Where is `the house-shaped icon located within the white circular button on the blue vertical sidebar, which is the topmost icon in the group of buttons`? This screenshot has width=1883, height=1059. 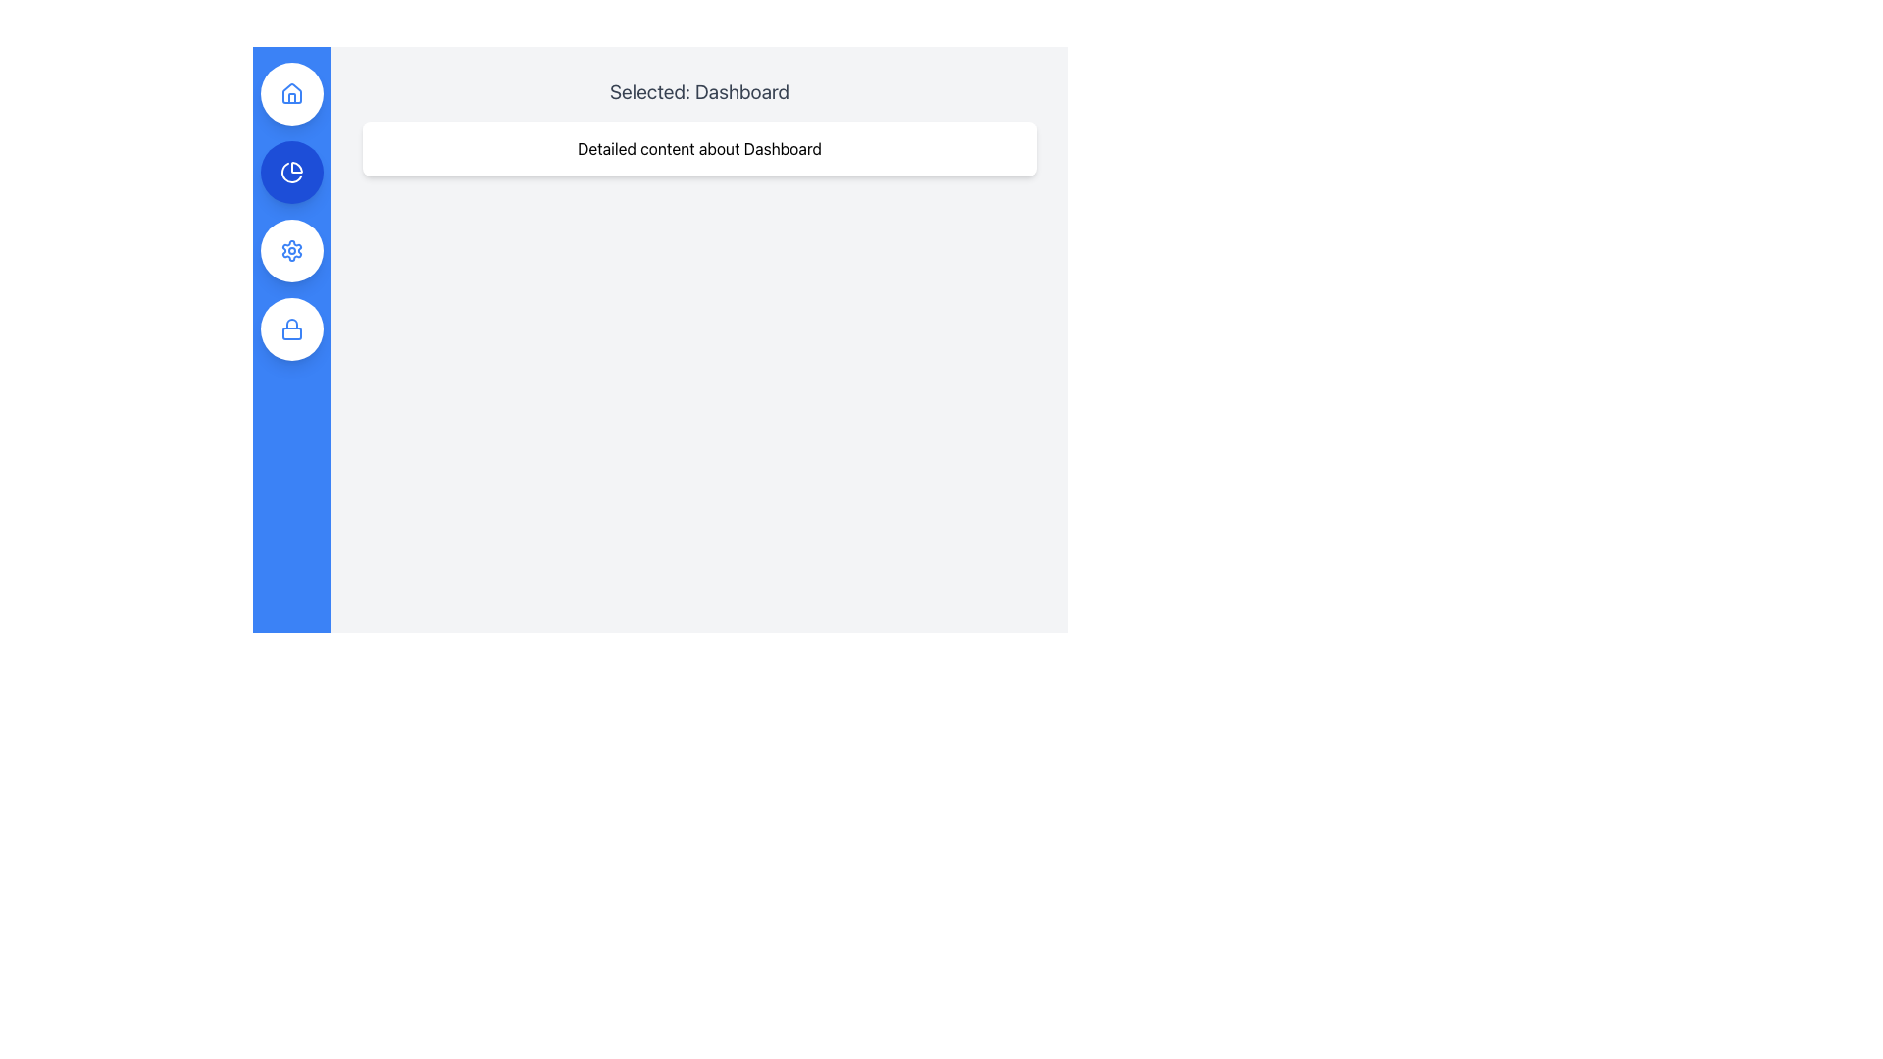 the house-shaped icon located within the white circular button on the blue vertical sidebar, which is the topmost icon in the group of buttons is located at coordinates (290, 94).